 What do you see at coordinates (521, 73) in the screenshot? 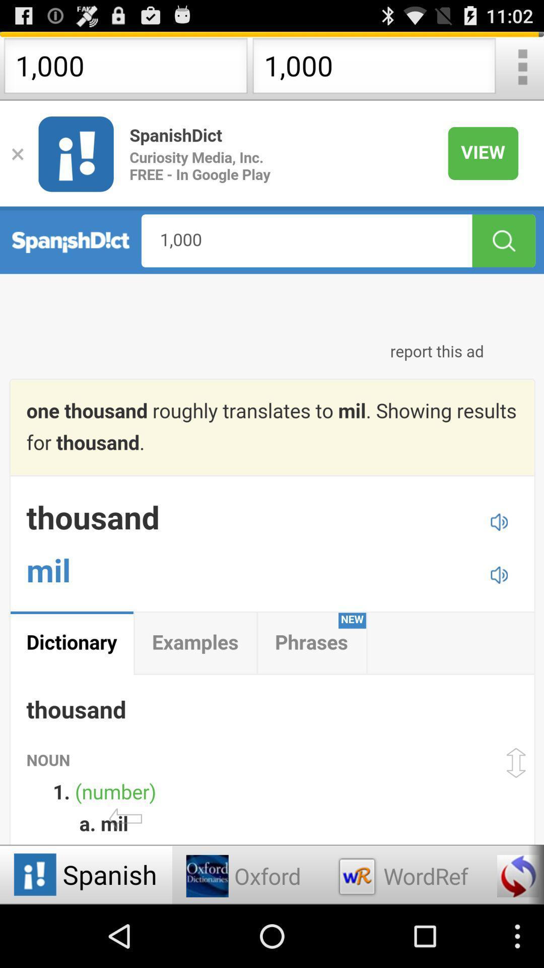
I see `the more icon` at bounding box center [521, 73].